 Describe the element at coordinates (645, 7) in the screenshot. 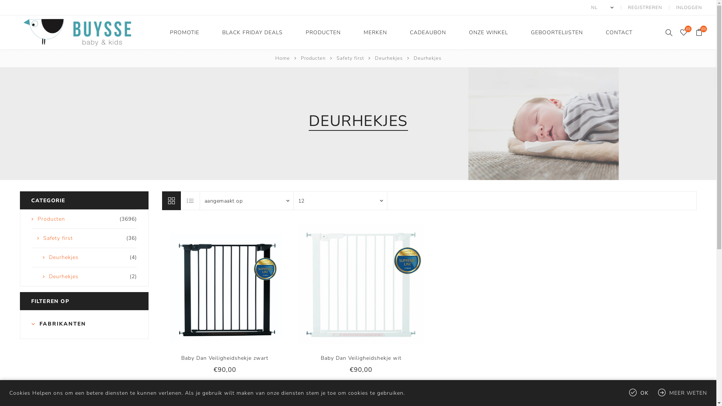

I see `'REGISTREREN'` at that location.